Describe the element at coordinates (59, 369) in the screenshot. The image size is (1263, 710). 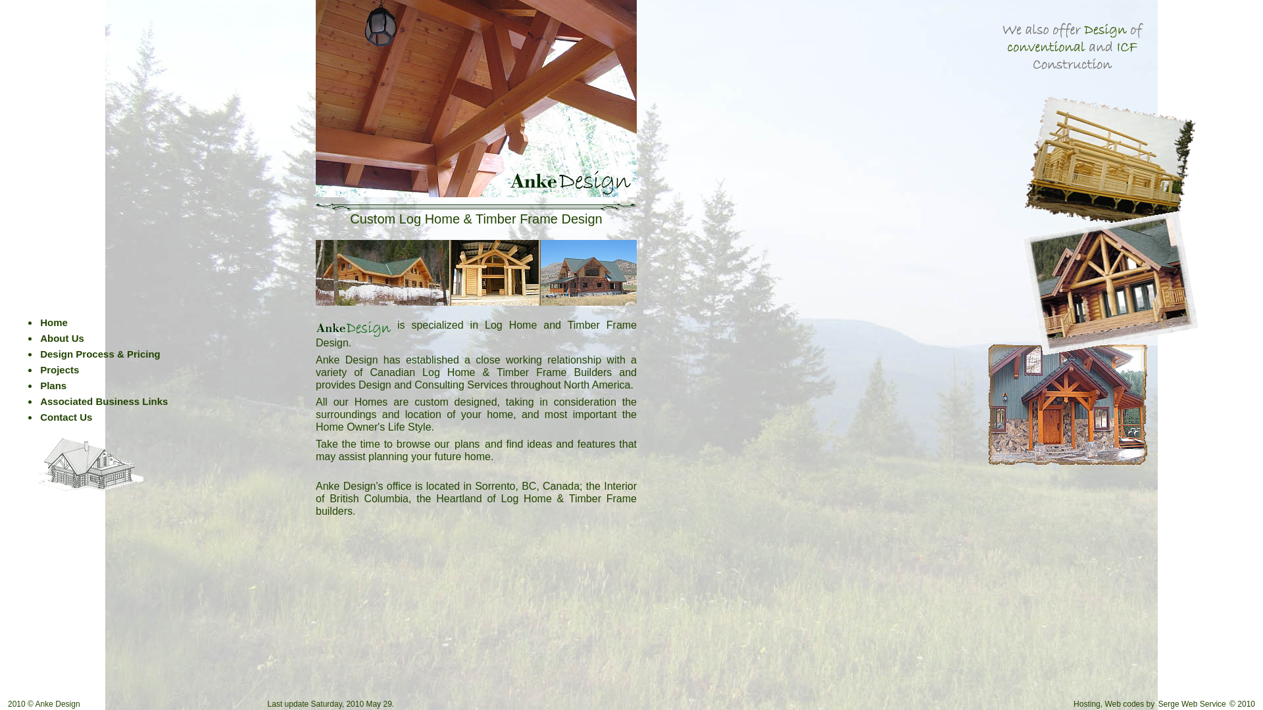
I see `'Projects'` at that location.